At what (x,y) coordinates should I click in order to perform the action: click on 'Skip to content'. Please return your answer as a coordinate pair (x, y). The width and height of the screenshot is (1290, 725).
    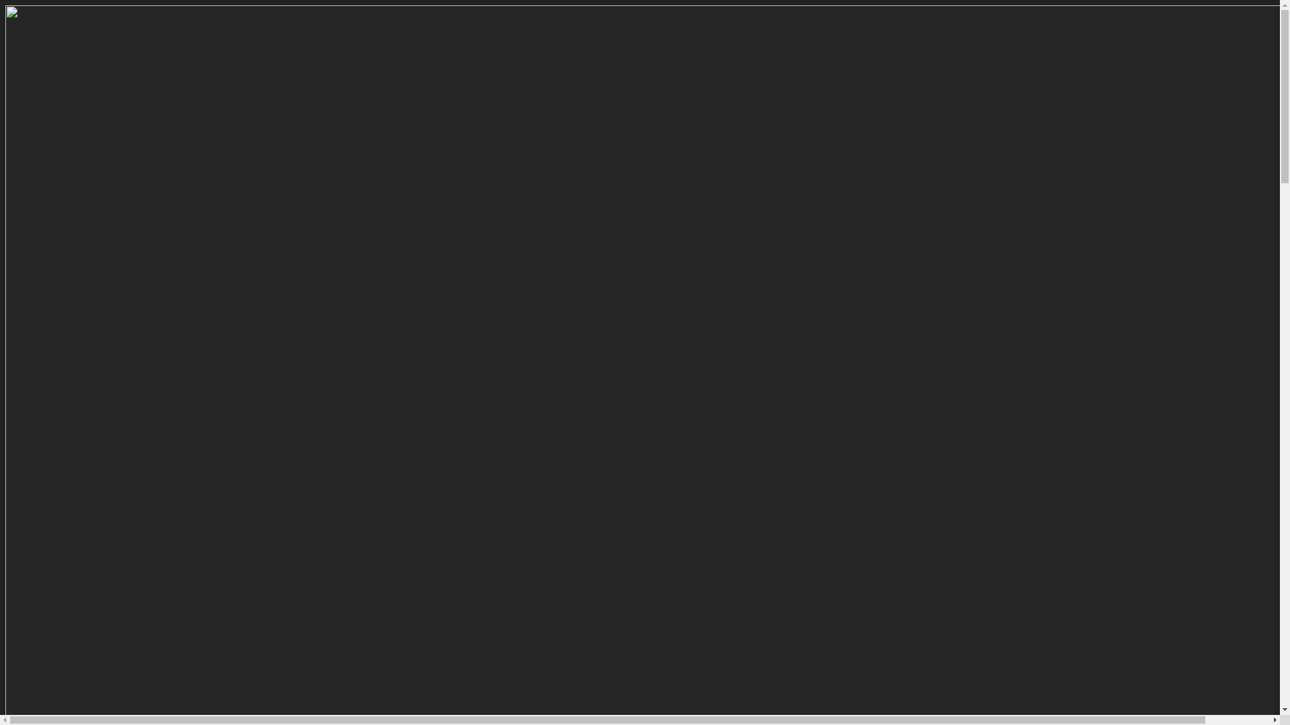
    Looking at the image, I should click on (5, 5).